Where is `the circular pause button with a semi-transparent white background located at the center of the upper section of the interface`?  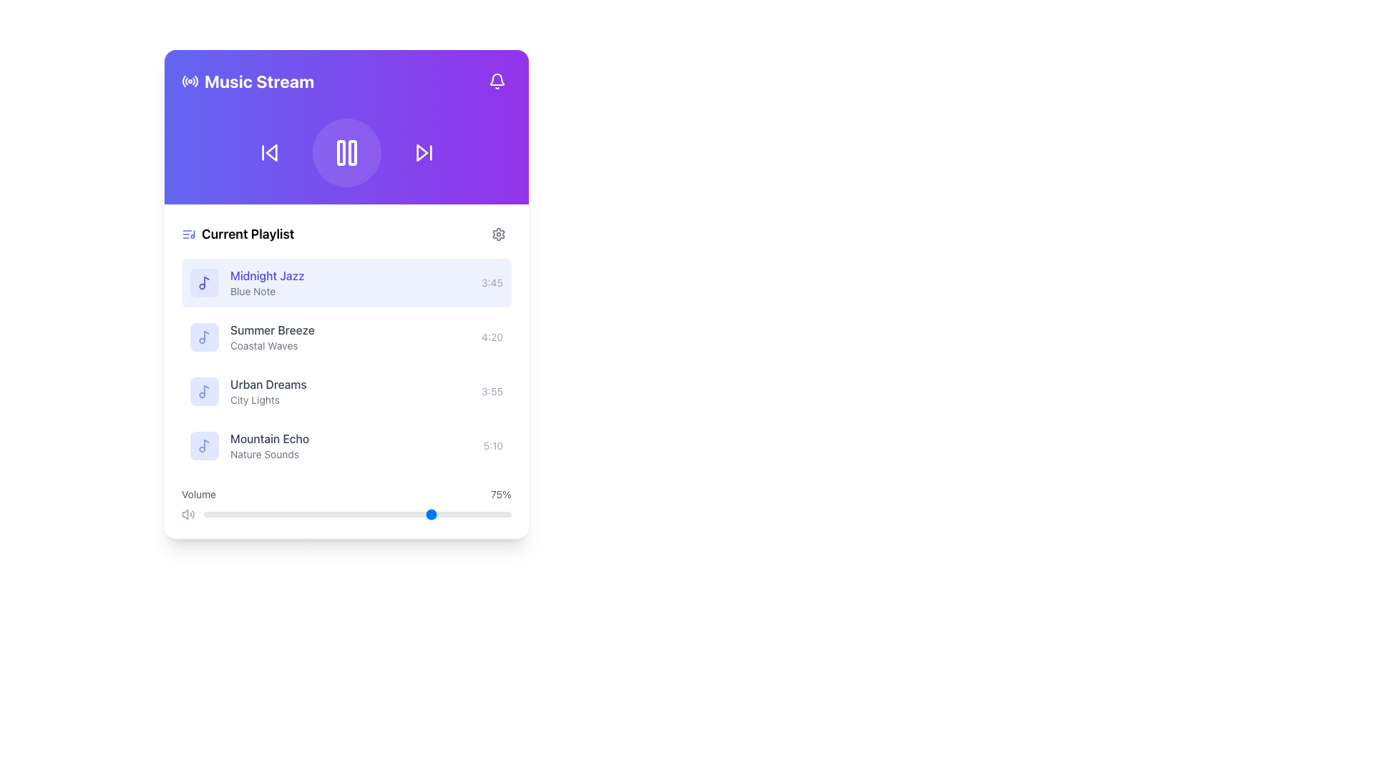 the circular pause button with a semi-transparent white background located at the center of the upper section of the interface is located at coordinates (346, 152).